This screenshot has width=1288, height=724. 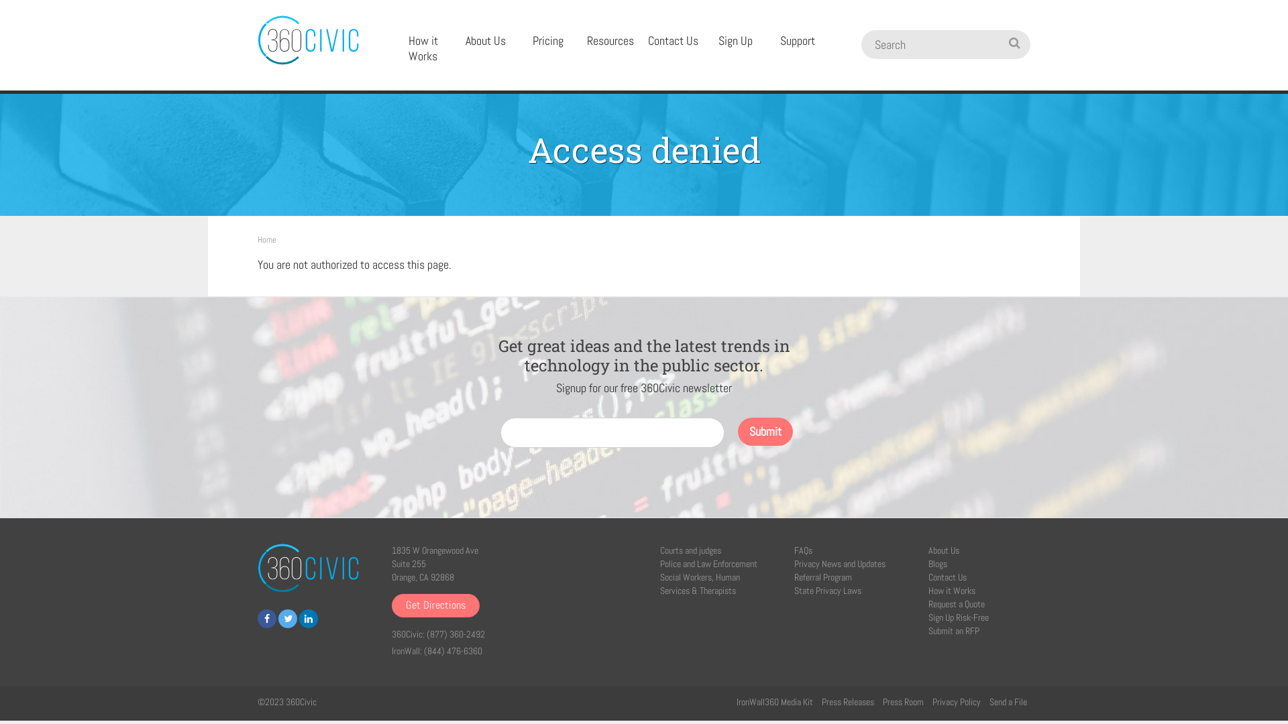 What do you see at coordinates (955, 604) in the screenshot?
I see `'Request a Quote'` at bounding box center [955, 604].